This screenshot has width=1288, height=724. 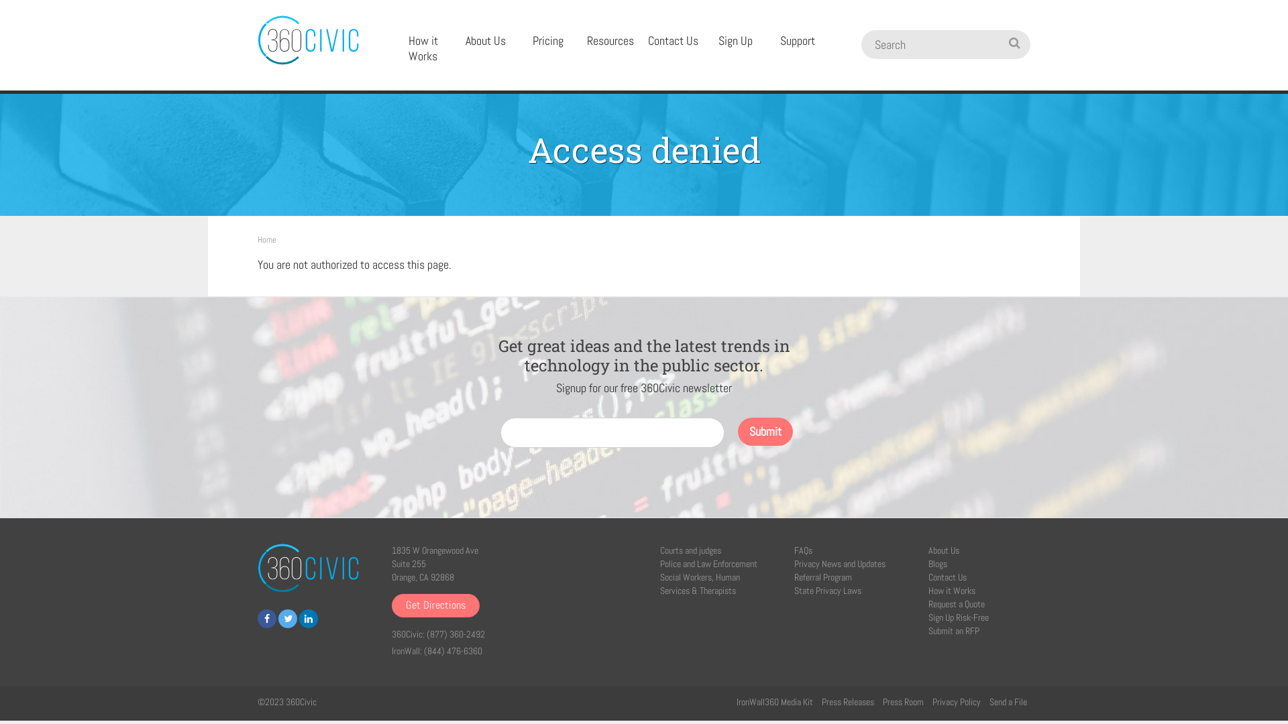 What do you see at coordinates (955, 604) in the screenshot?
I see `'Request a Quote'` at bounding box center [955, 604].